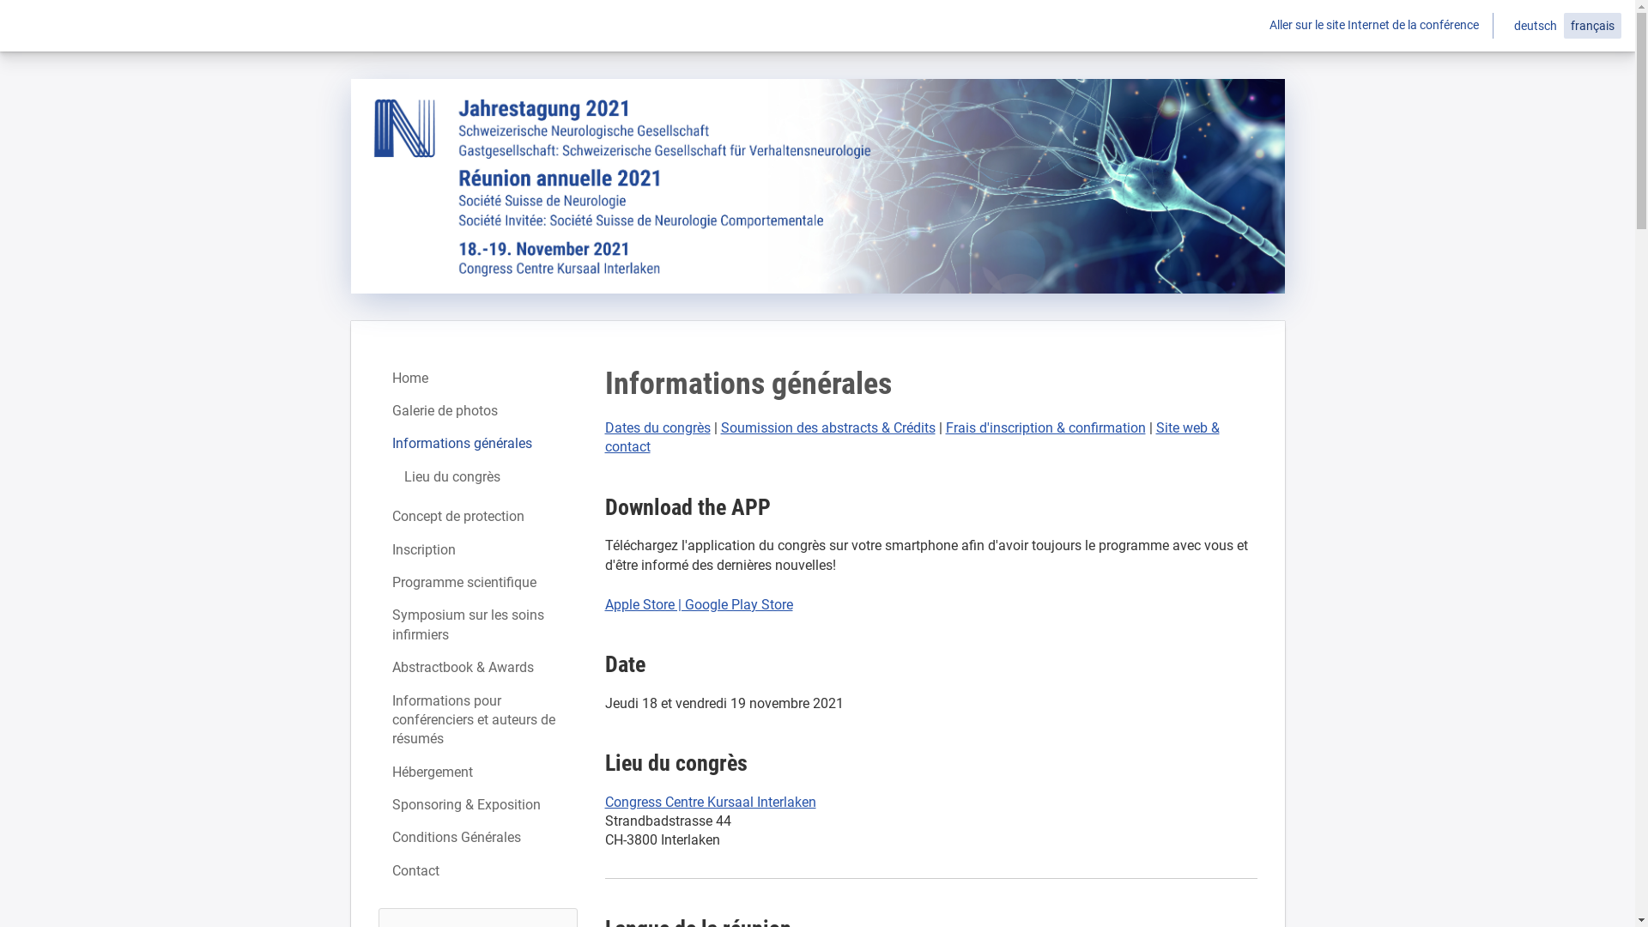 The width and height of the screenshot is (1648, 927). Describe the element at coordinates (1536, 26) in the screenshot. I see `'deutsch'` at that location.